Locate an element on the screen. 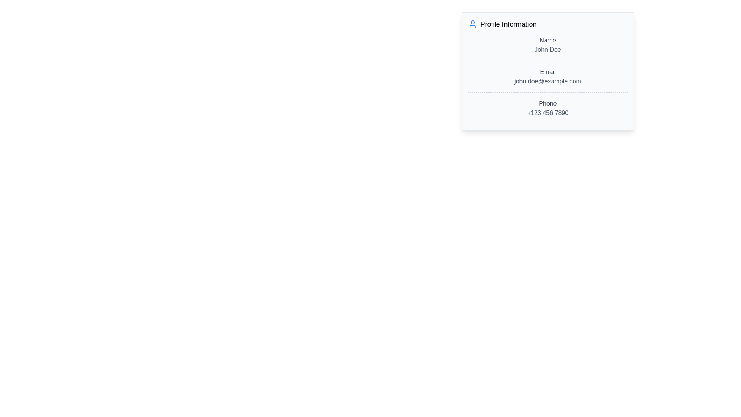 The width and height of the screenshot is (741, 417). the Display block containing the text 'Name' and 'John Doe' within the 'Profile Information' card, which is located near the top edge of the card is located at coordinates (547, 45).